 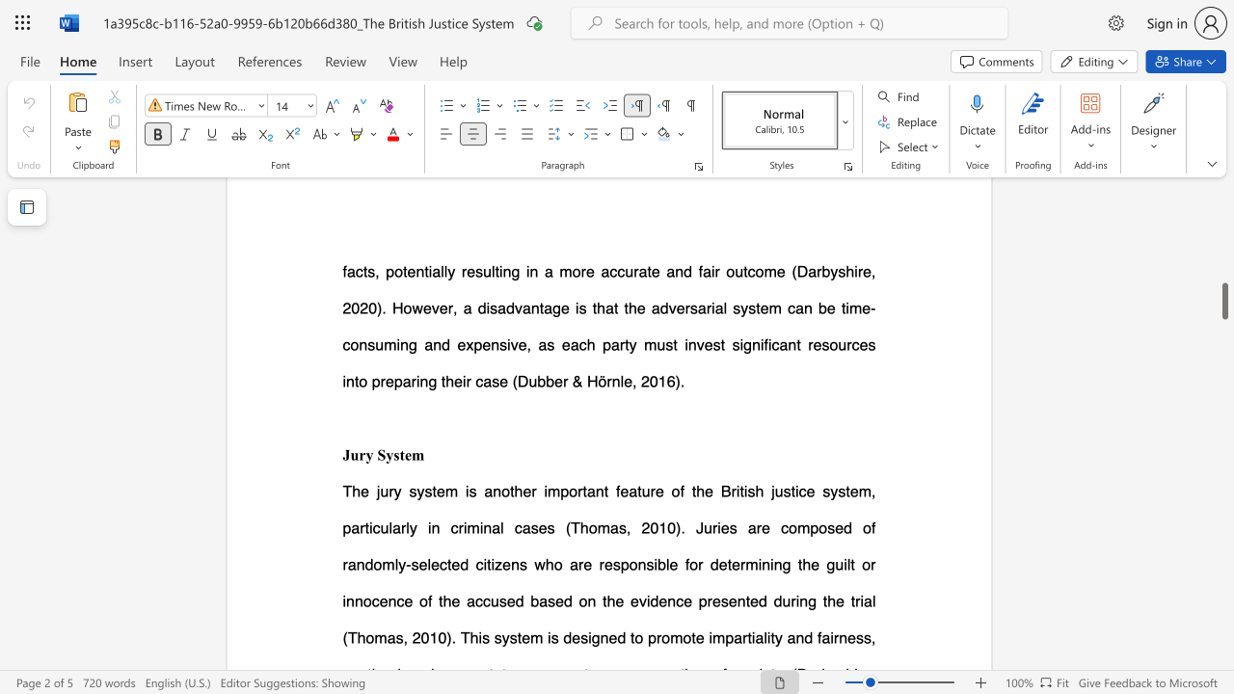 I want to click on the scrollbar, so click(x=1223, y=260).